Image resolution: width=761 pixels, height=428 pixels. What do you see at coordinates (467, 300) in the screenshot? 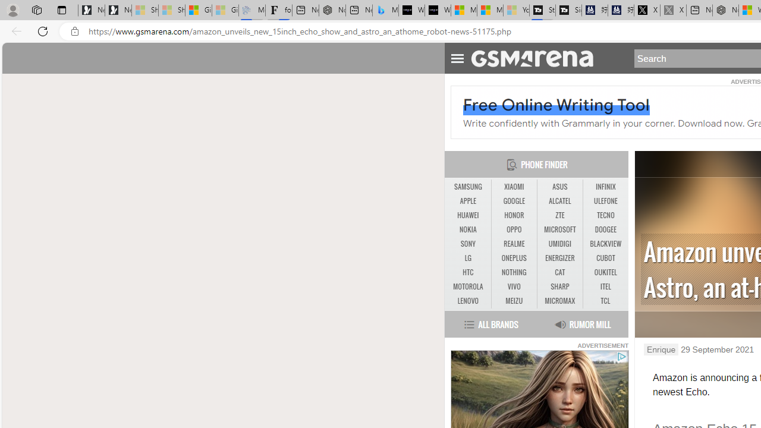
I see `'LENOVO'` at bounding box center [467, 300].